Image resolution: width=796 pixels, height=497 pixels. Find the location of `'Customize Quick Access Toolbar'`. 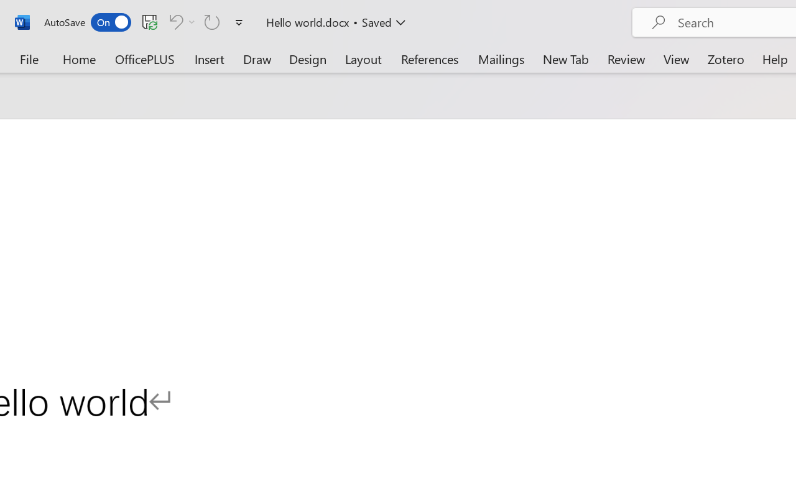

'Customize Quick Access Toolbar' is located at coordinates (239, 22).